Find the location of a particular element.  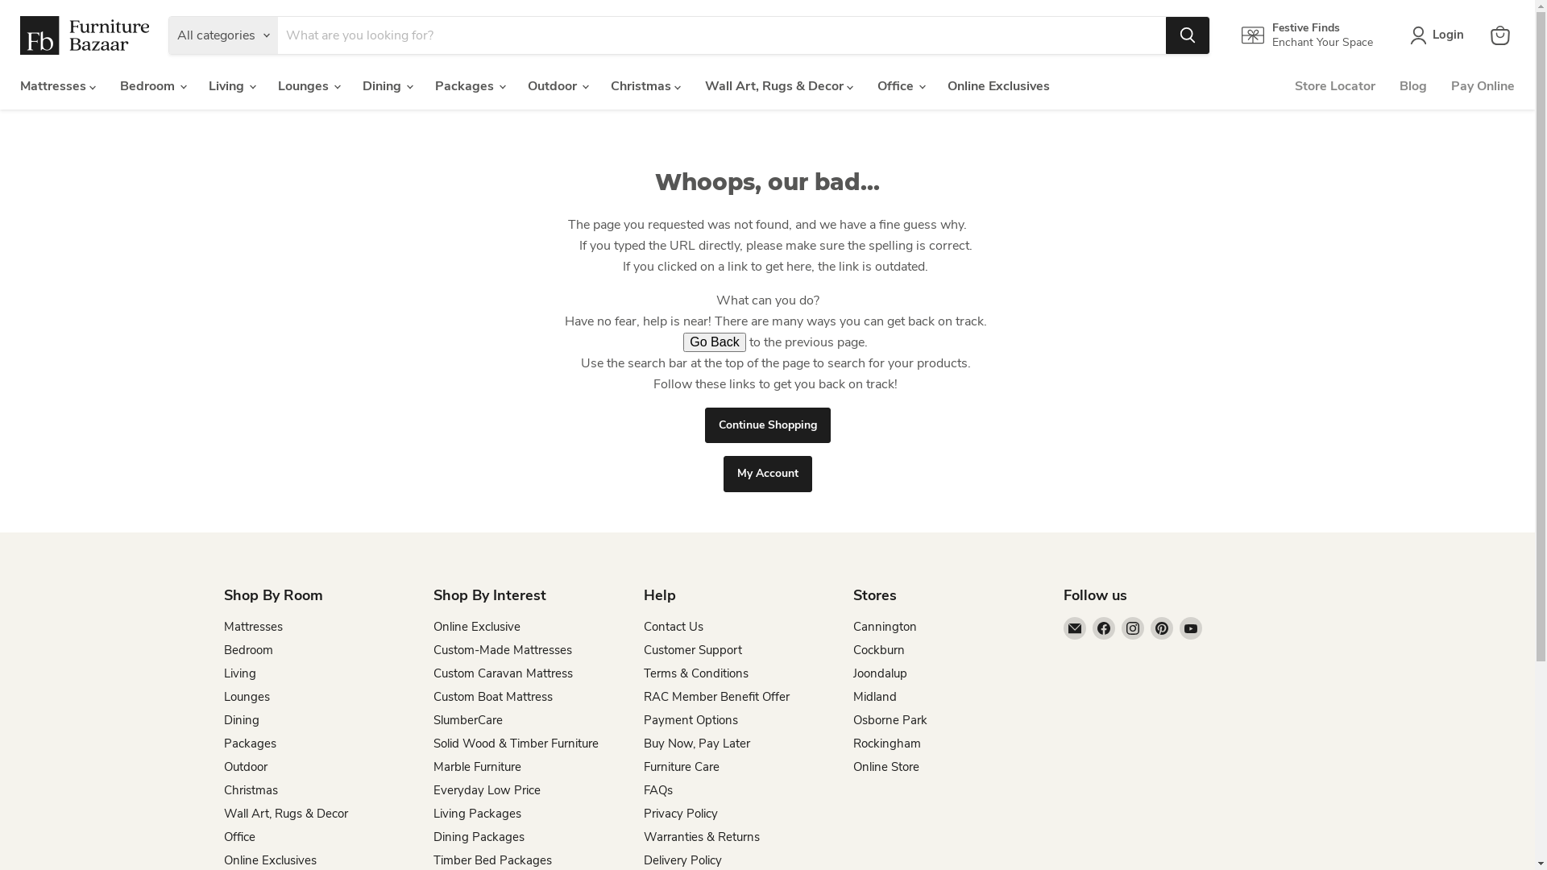

'Find us on Facebook' is located at coordinates (1102, 627).